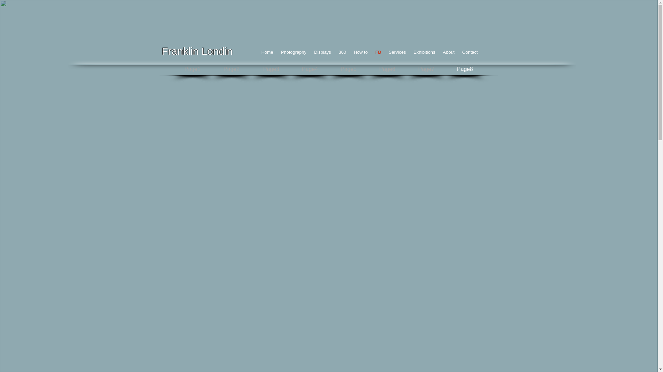  What do you see at coordinates (348, 69) in the screenshot?
I see `'Page5'` at bounding box center [348, 69].